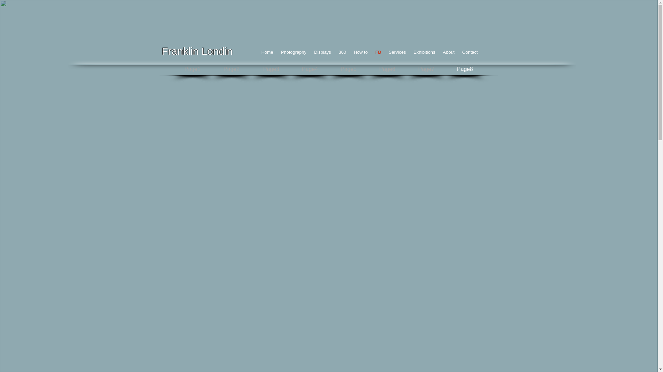  What do you see at coordinates (348, 69) in the screenshot?
I see `'Page5'` at bounding box center [348, 69].